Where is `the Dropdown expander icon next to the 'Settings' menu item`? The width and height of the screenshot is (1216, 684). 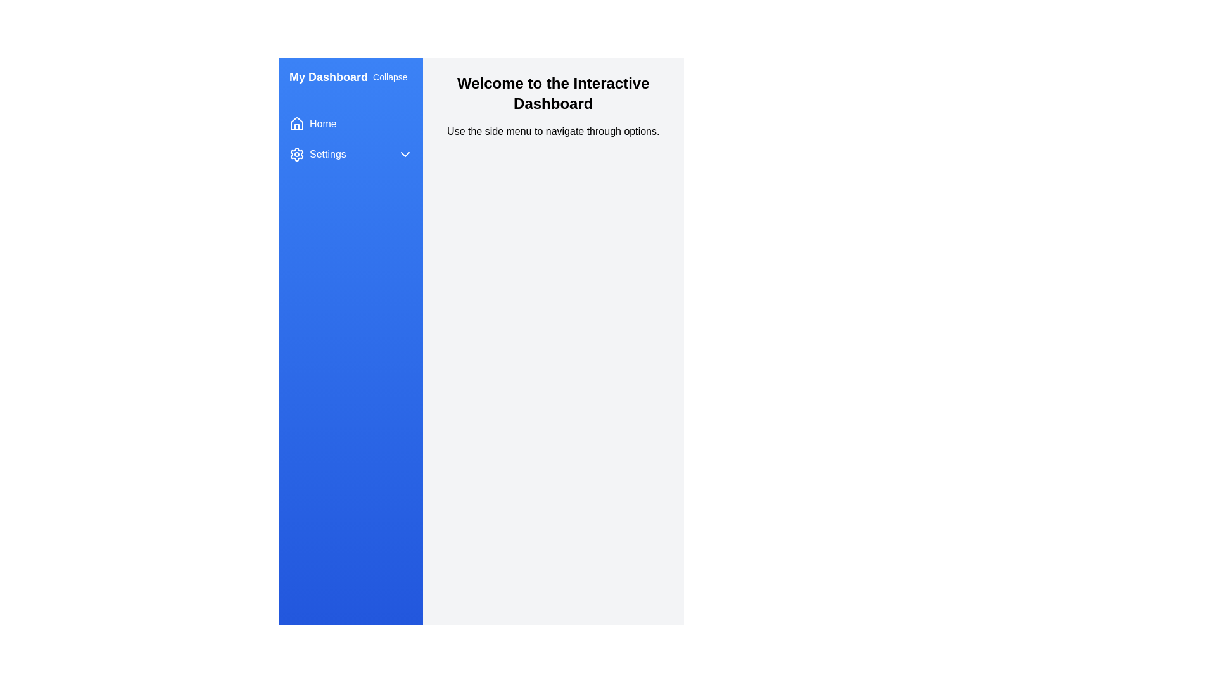
the Dropdown expander icon next to the 'Settings' menu item is located at coordinates (404, 153).